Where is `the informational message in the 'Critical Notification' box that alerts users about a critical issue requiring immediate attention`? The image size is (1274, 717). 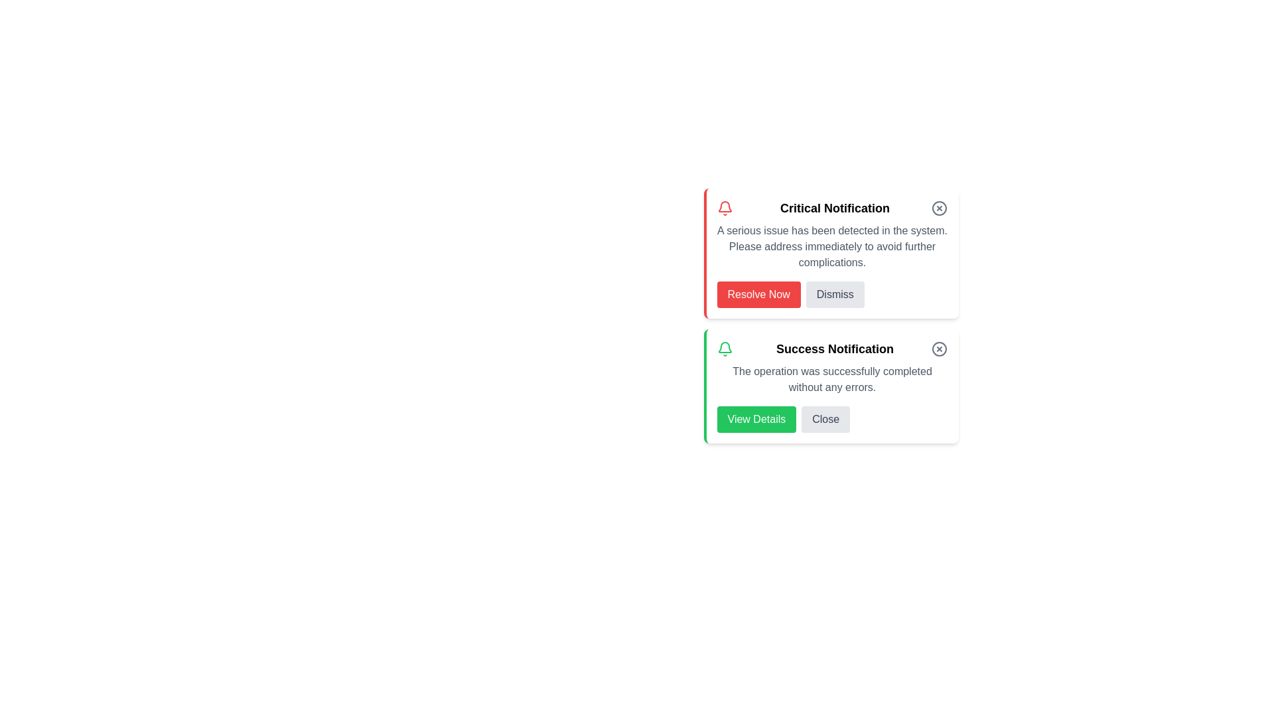 the informational message in the 'Critical Notification' box that alerts users about a critical issue requiring immediate attention is located at coordinates (831, 246).